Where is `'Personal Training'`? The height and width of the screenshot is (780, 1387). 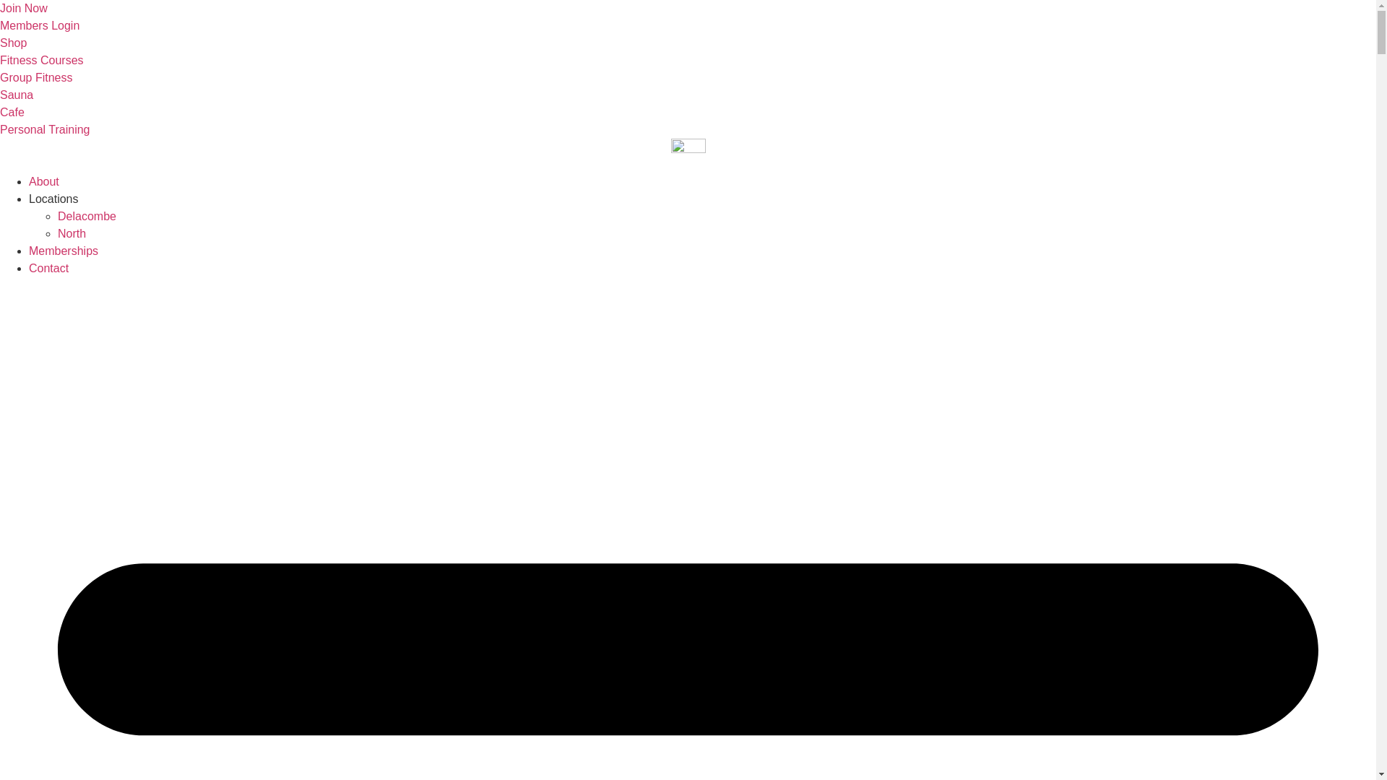
'Personal Training' is located at coordinates (0, 129).